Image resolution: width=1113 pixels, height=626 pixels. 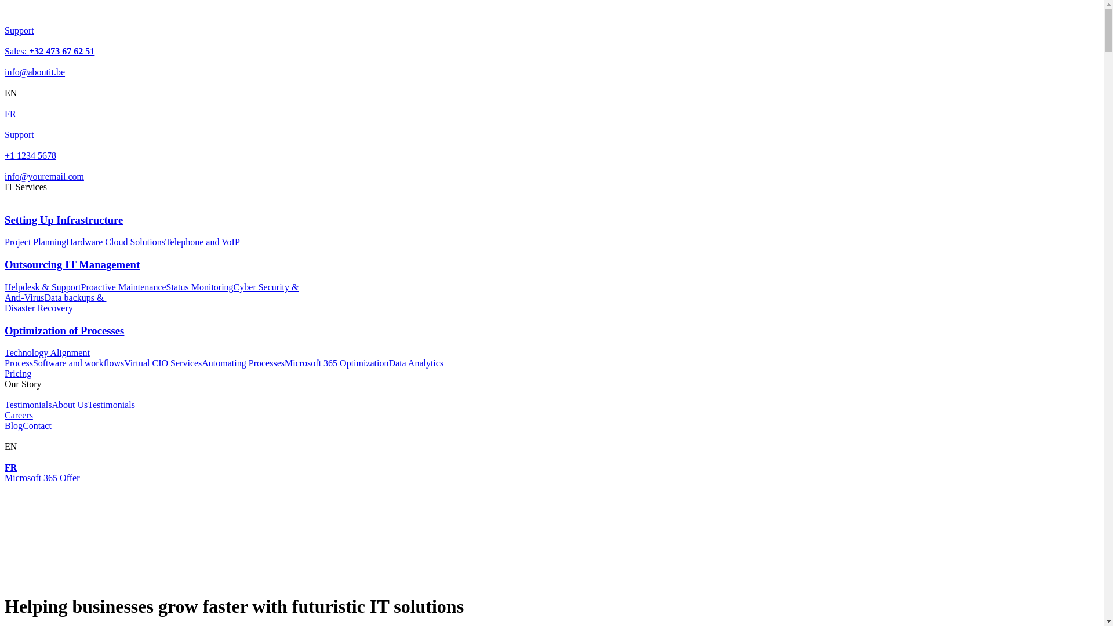 I want to click on 'Status Monitoring', so click(x=200, y=287).